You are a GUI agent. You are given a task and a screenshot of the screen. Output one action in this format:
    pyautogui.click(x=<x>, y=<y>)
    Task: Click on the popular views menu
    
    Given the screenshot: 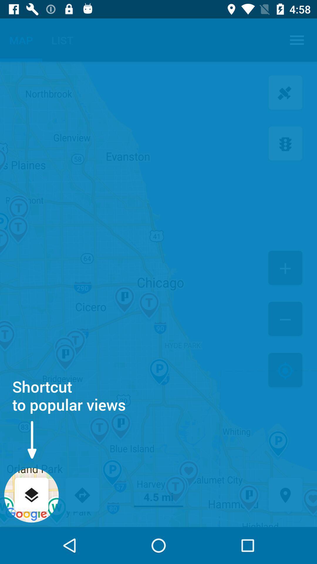 What is the action you would take?
    pyautogui.click(x=31, y=495)
    